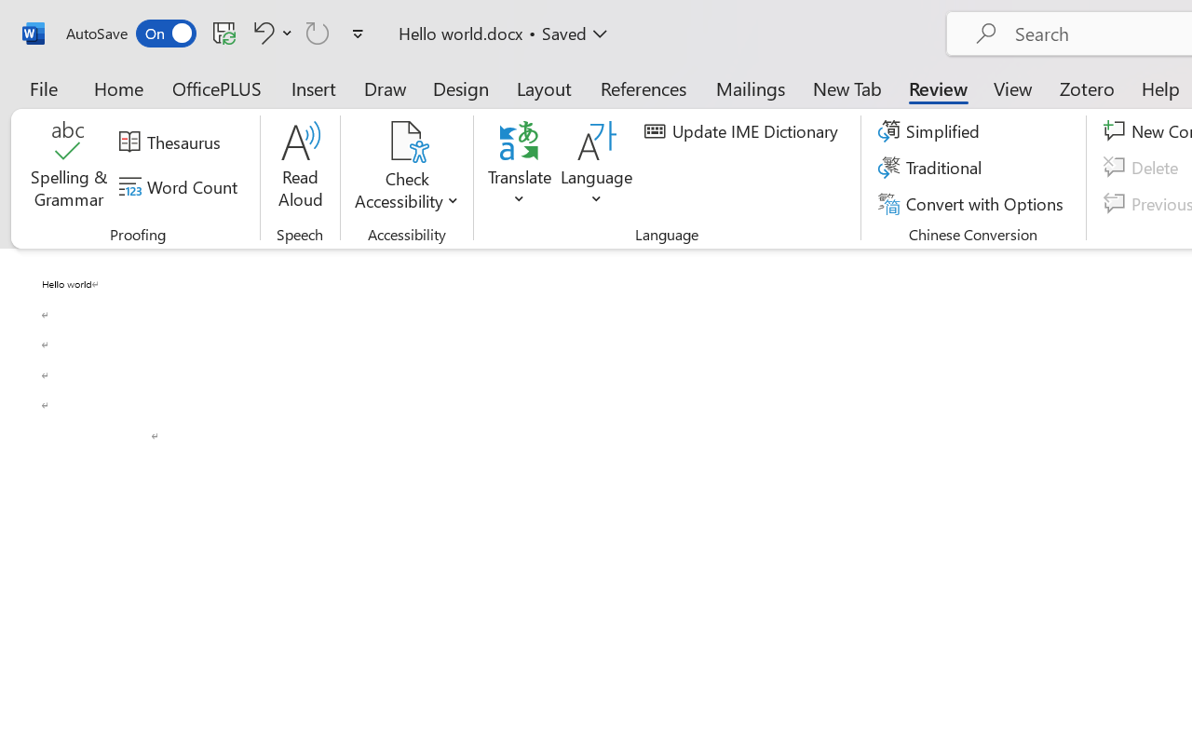 This screenshot has width=1192, height=745. Describe the element at coordinates (218, 33) in the screenshot. I see `'Quick Access Toolbar'` at that location.